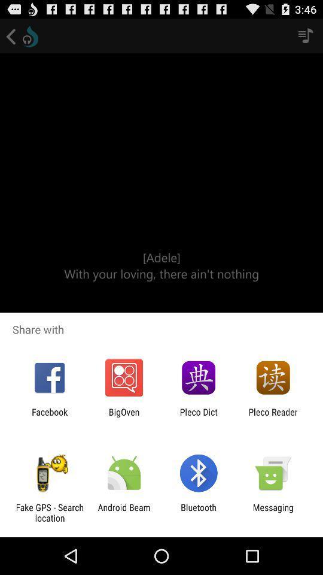  Describe the element at coordinates (123, 512) in the screenshot. I see `app next to fake gps search item` at that location.